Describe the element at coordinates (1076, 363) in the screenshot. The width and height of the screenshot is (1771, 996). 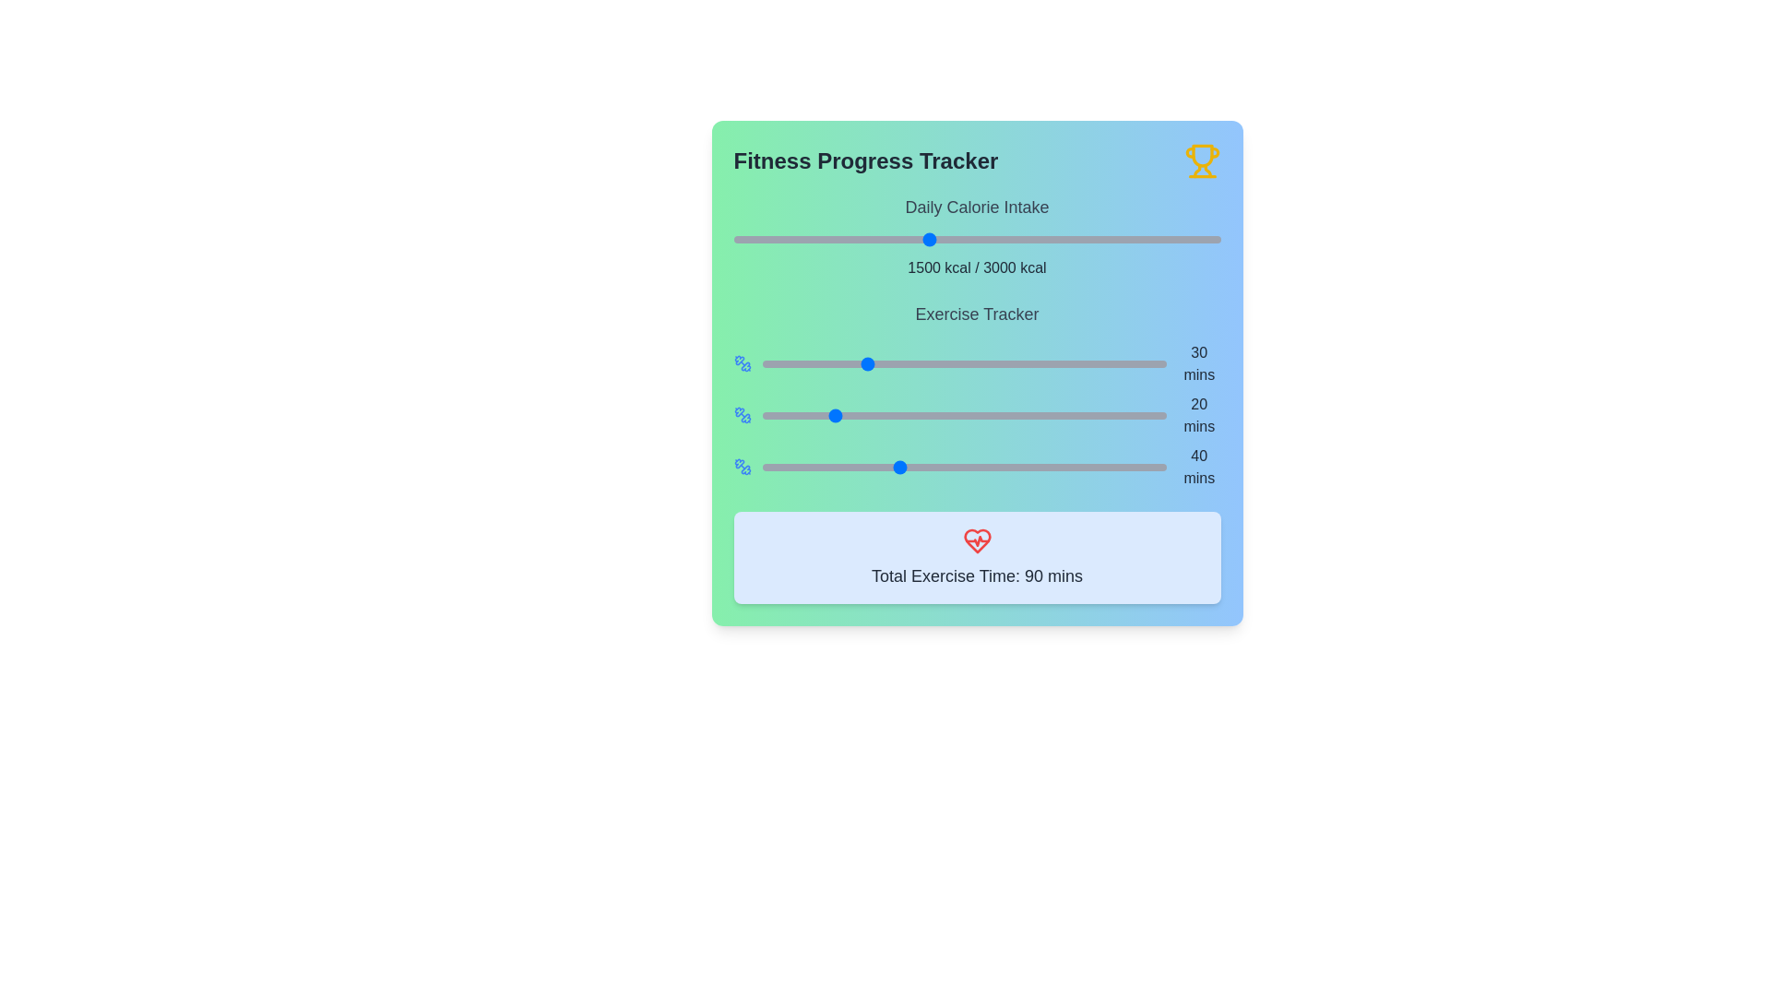
I see `the exercise time` at that location.